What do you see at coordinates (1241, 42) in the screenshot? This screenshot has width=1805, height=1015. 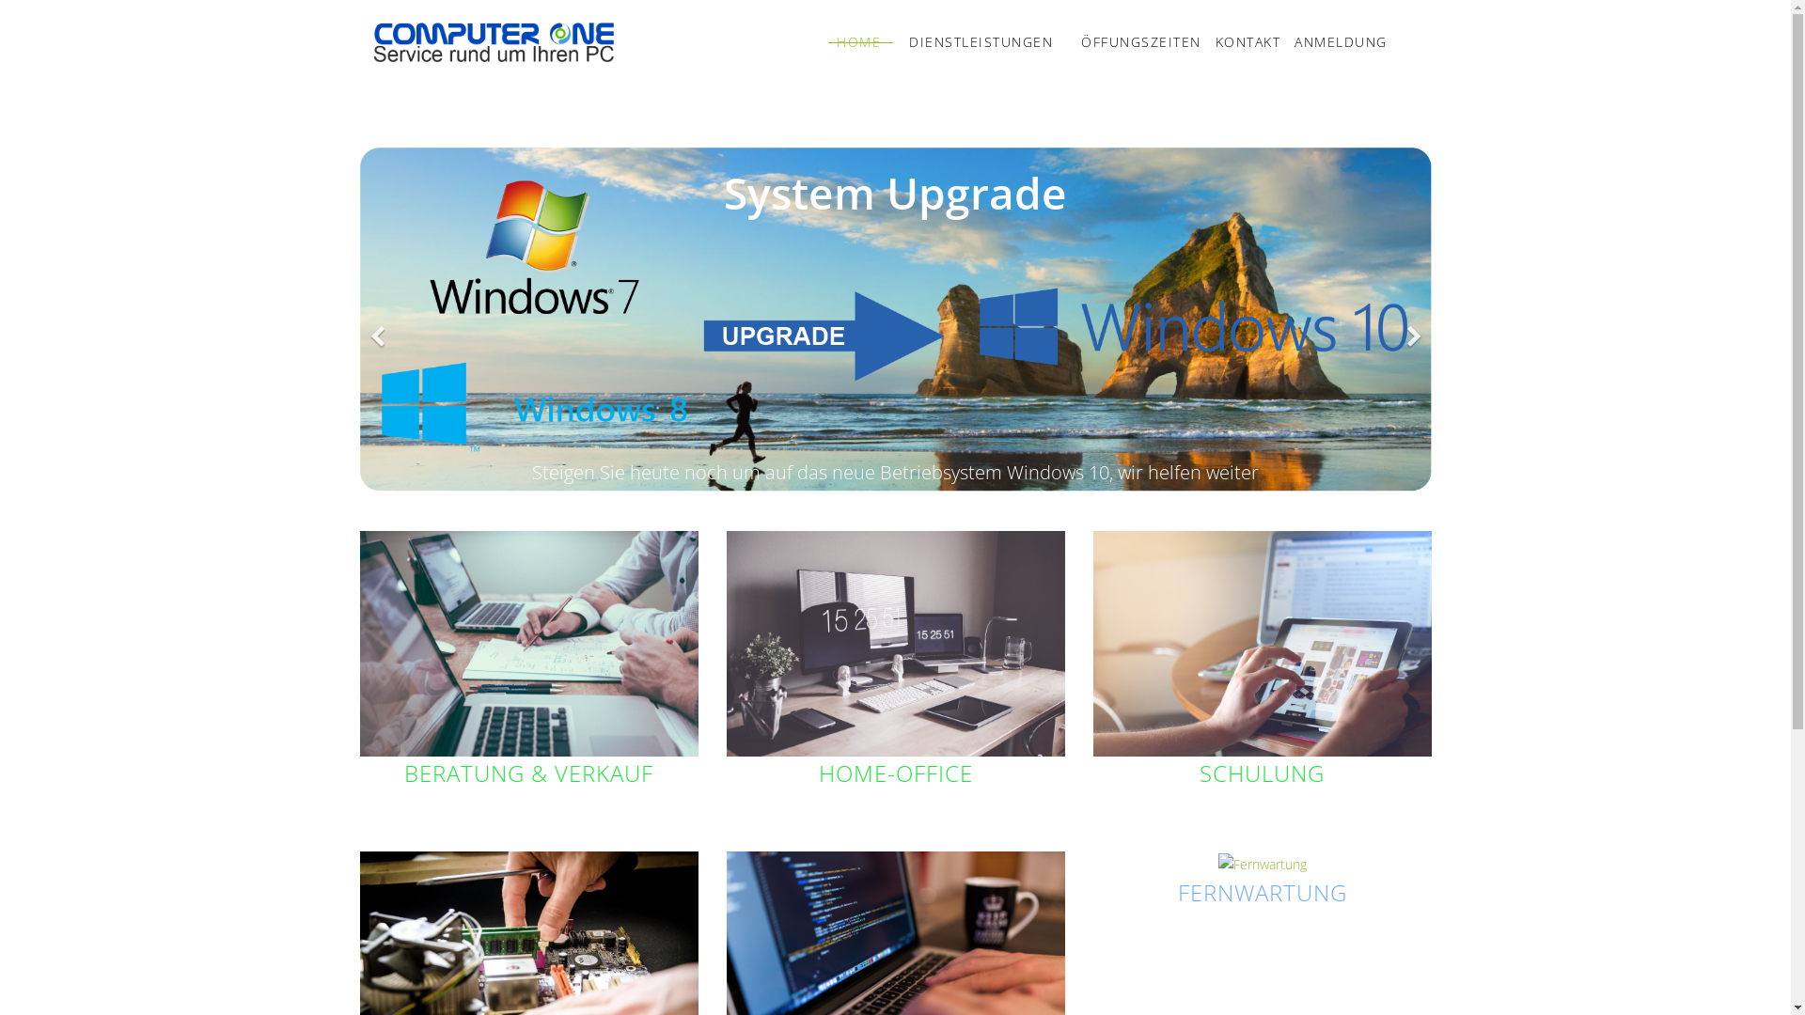 I see `'KONTAKT'` at bounding box center [1241, 42].